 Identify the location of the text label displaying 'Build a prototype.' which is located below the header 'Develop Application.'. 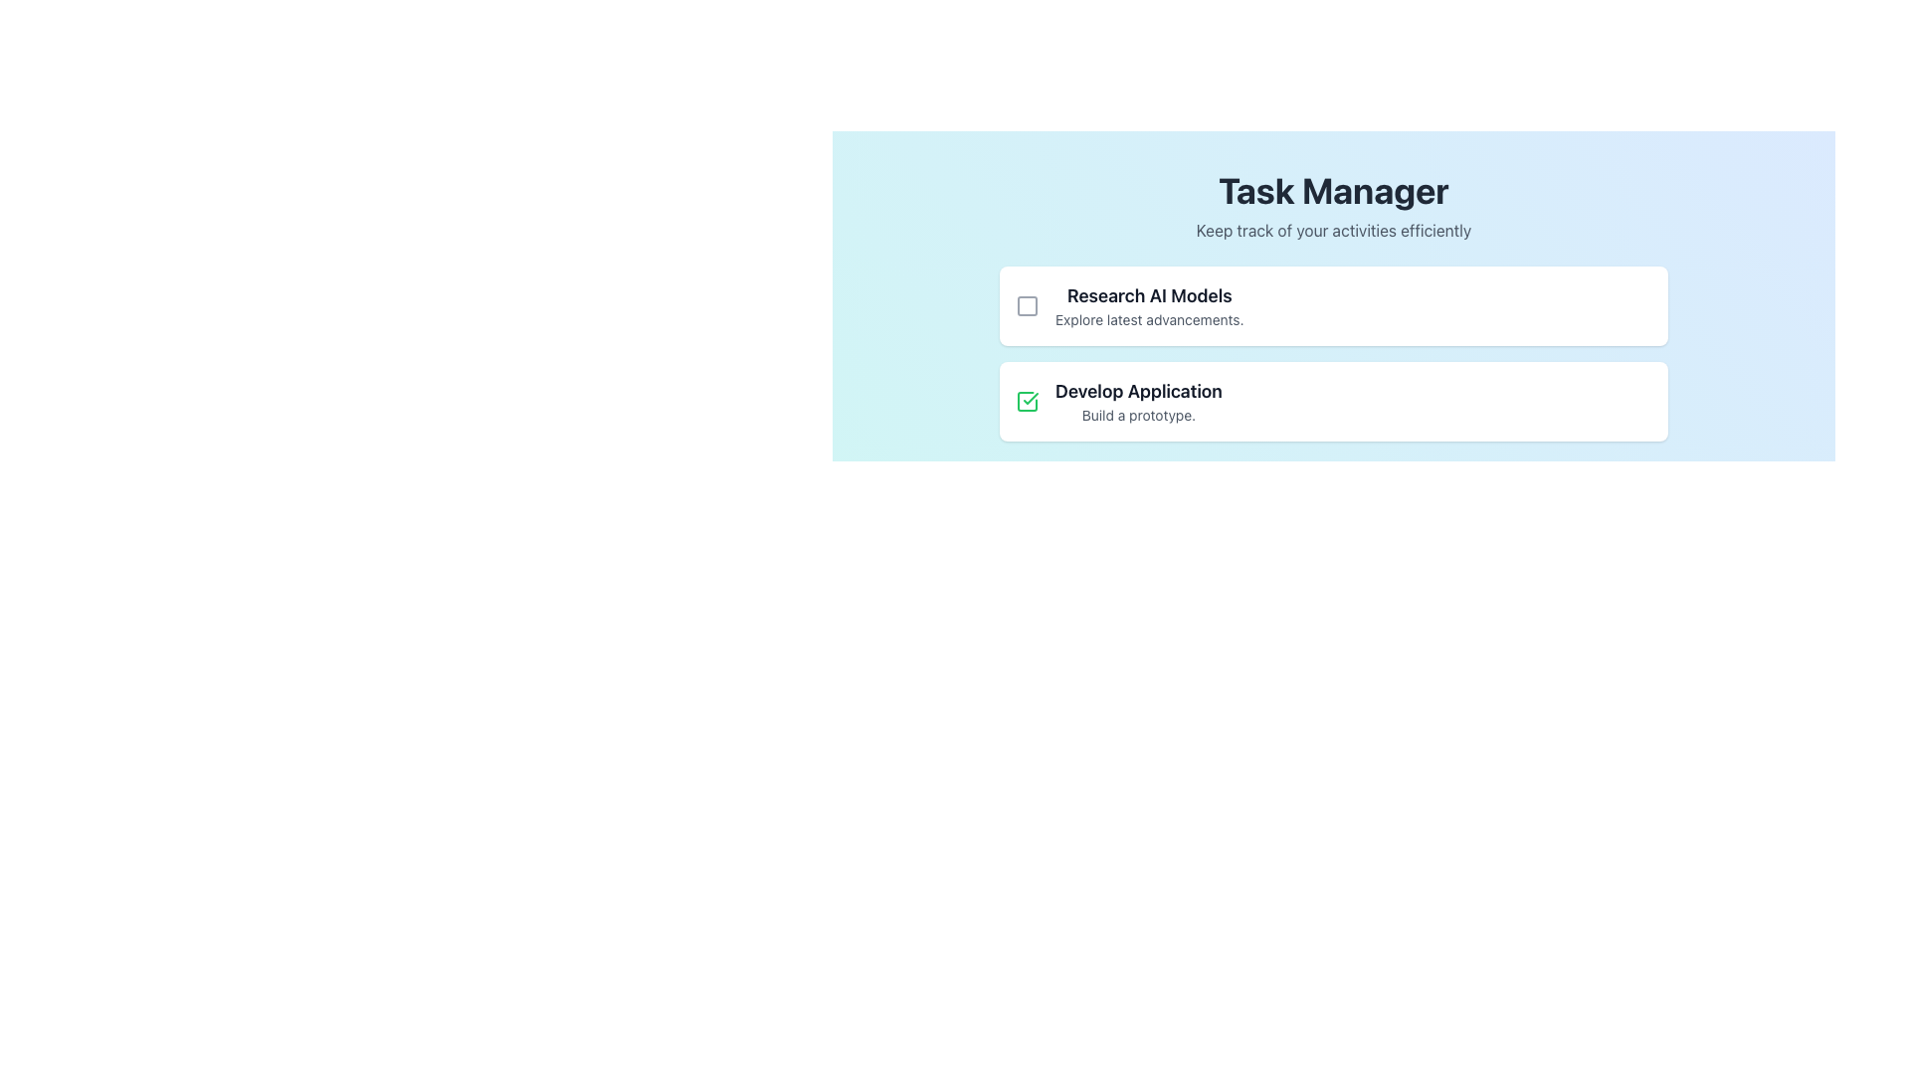
(1138, 414).